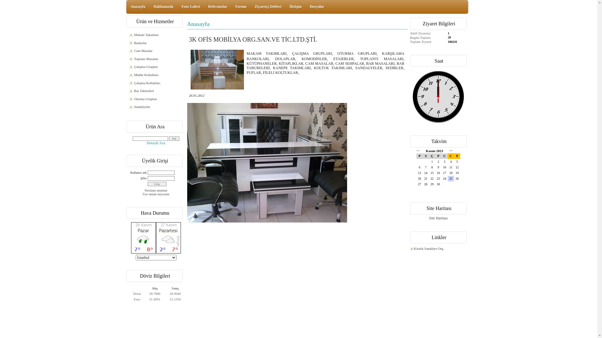 The height and width of the screenshot is (338, 602). I want to click on '28', so click(426, 184).